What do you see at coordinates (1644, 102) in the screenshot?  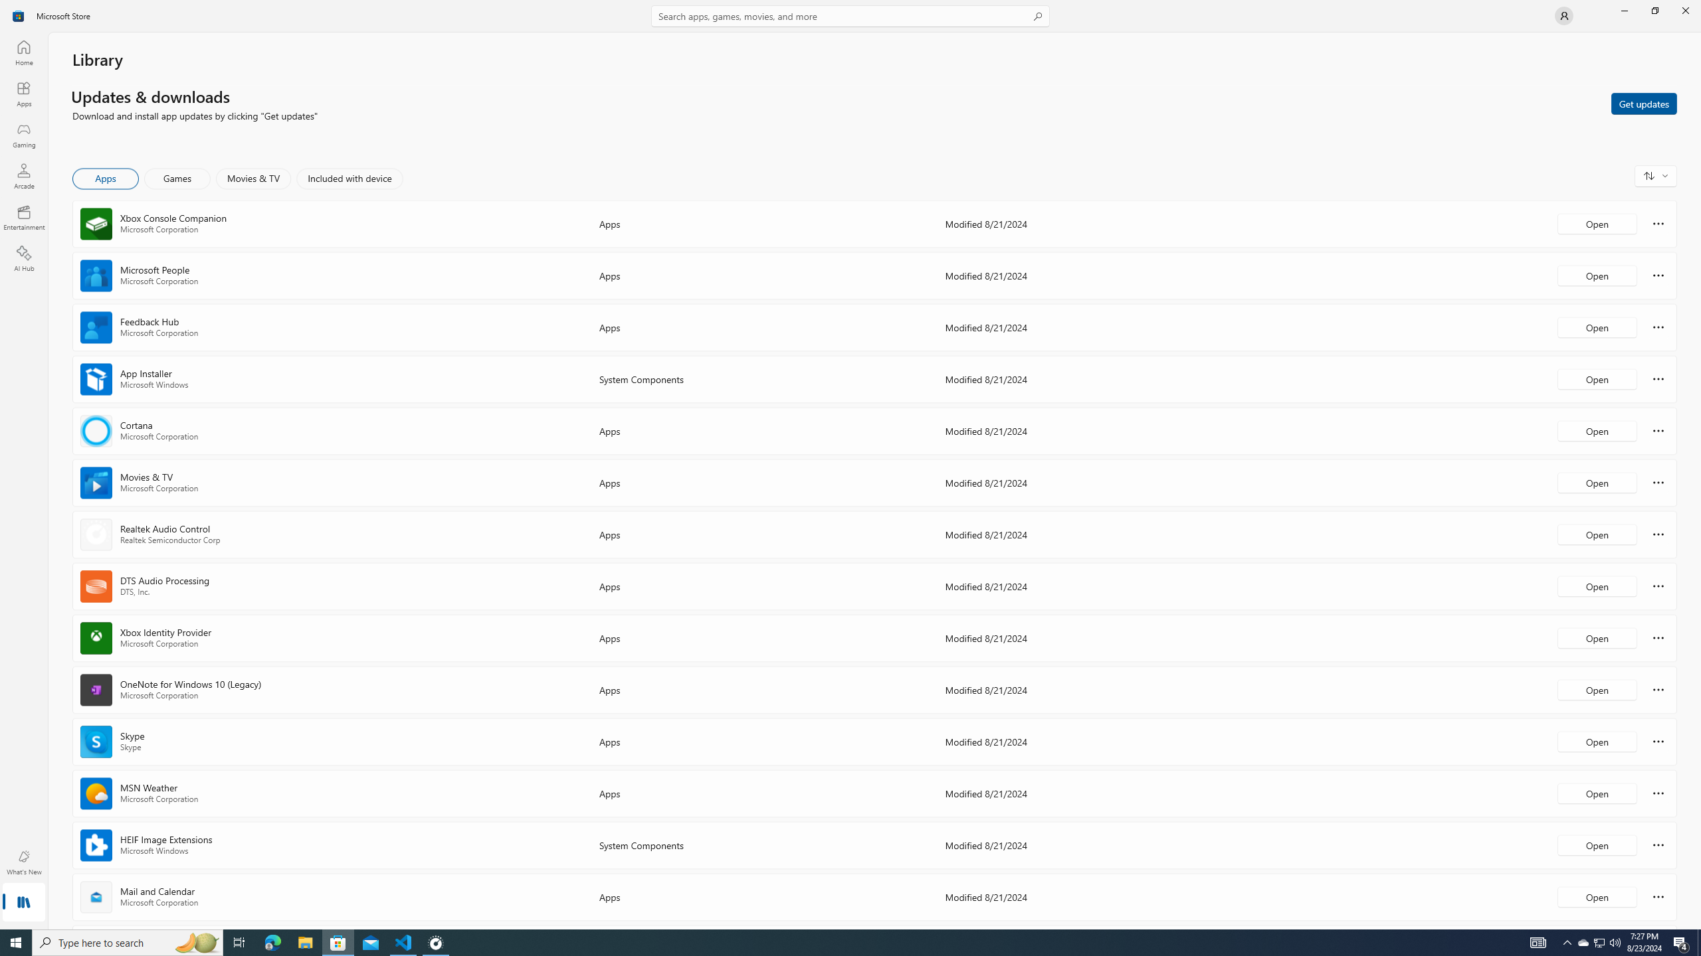 I see `'Get updates'` at bounding box center [1644, 102].